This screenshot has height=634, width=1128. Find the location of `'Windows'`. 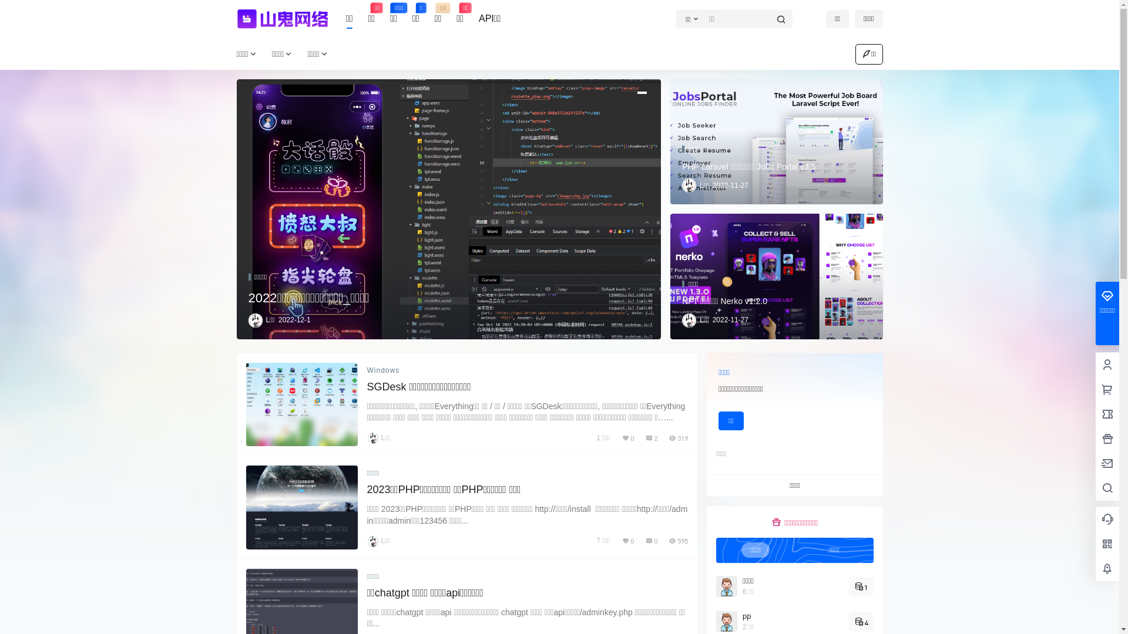

'Windows' is located at coordinates (383, 370).